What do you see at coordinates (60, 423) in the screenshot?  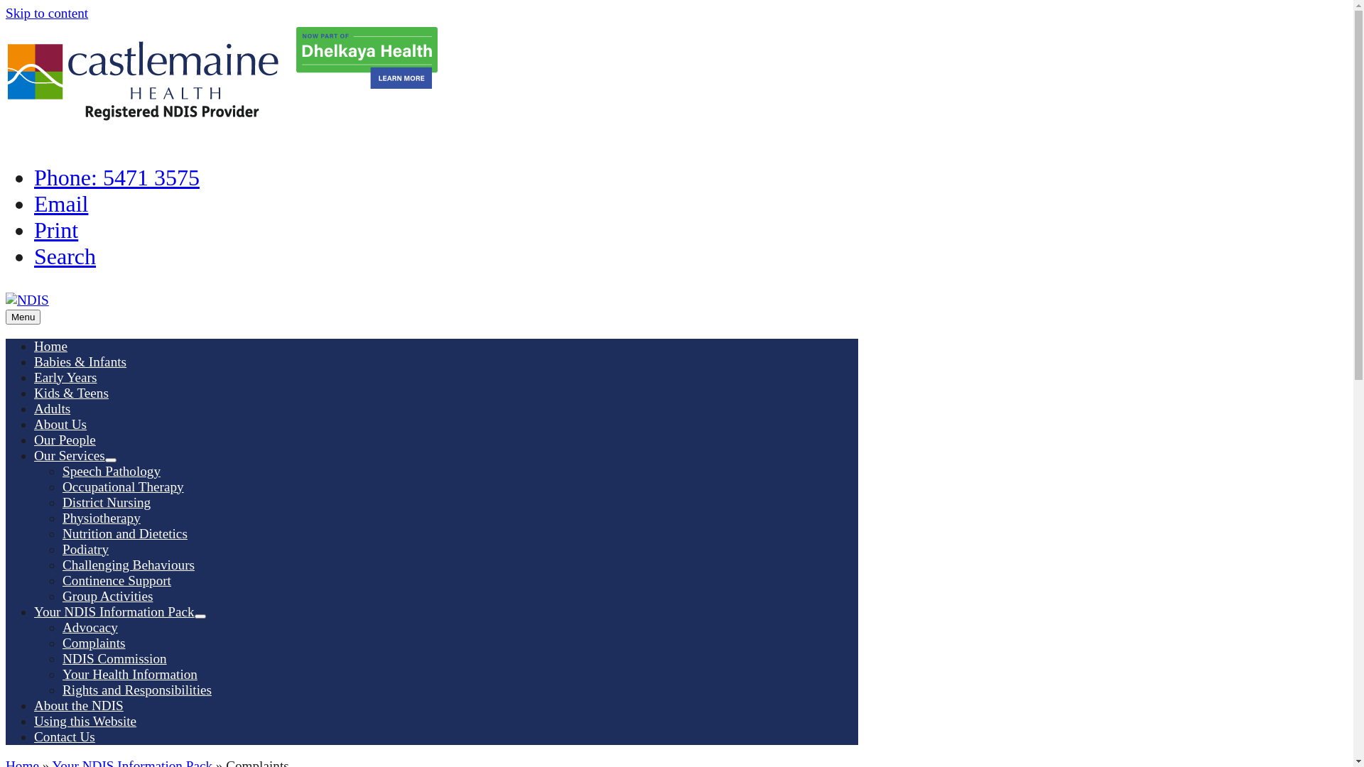 I see `'About Us'` at bounding box center [60, 423].